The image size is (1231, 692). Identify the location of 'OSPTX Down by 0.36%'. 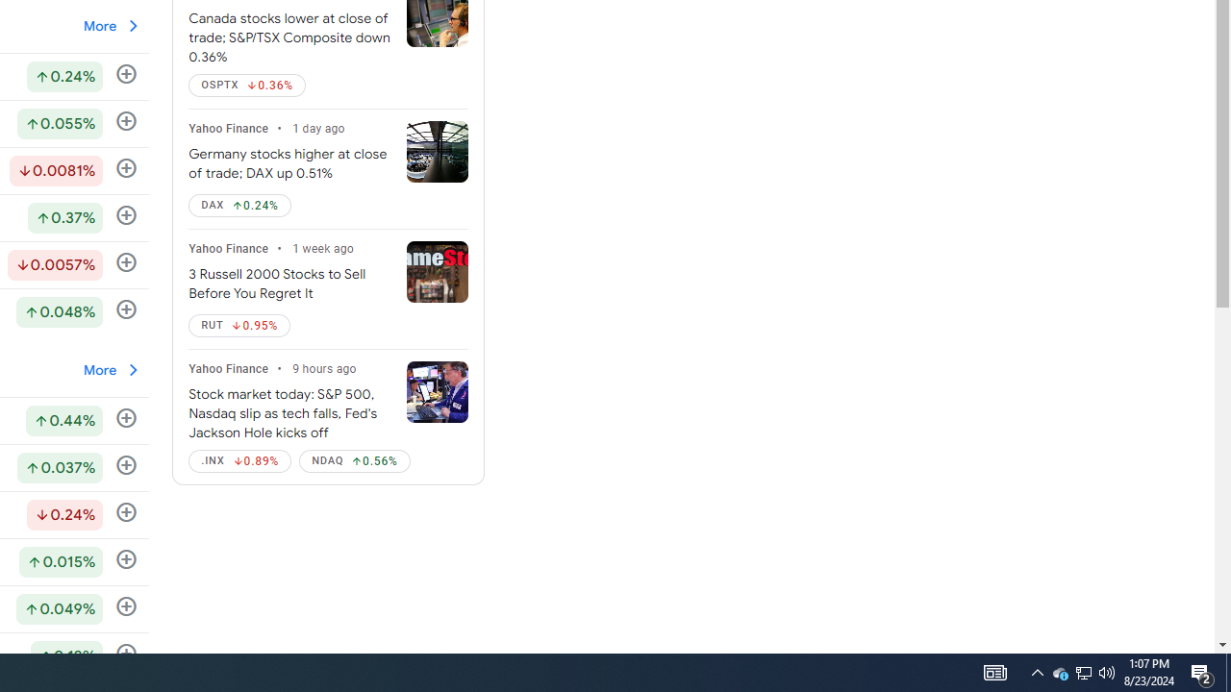
(245, 84).